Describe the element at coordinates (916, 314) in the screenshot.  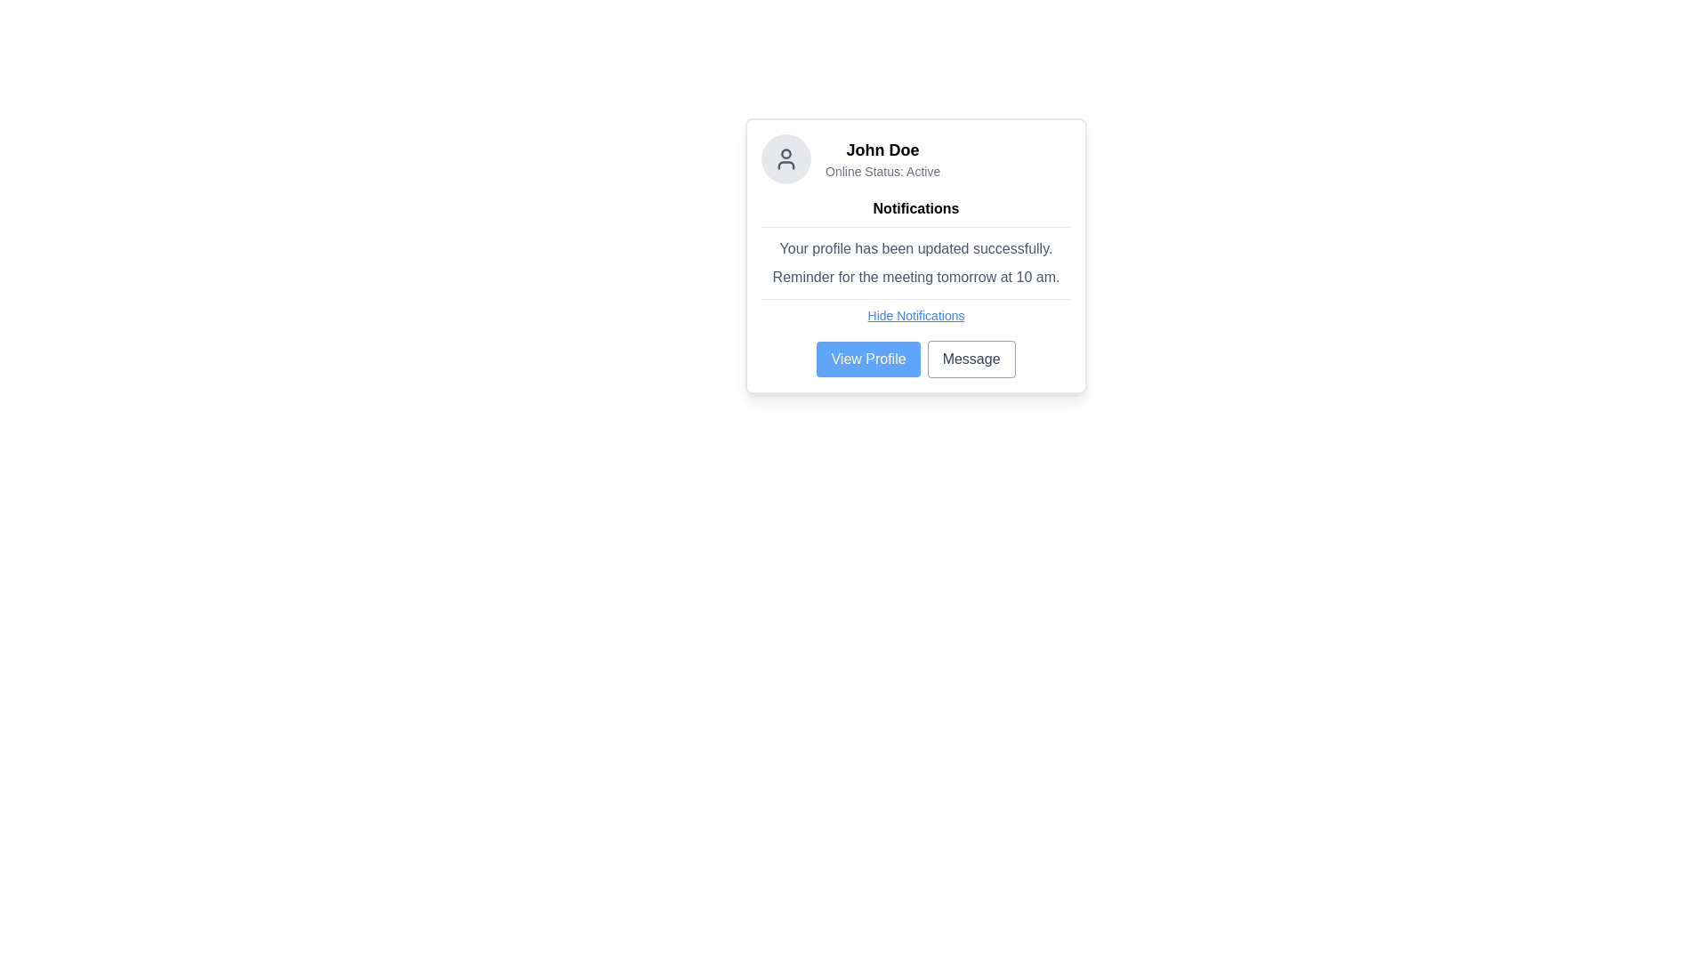
I see `the hyperlink located beneath the notification messages` at that location.